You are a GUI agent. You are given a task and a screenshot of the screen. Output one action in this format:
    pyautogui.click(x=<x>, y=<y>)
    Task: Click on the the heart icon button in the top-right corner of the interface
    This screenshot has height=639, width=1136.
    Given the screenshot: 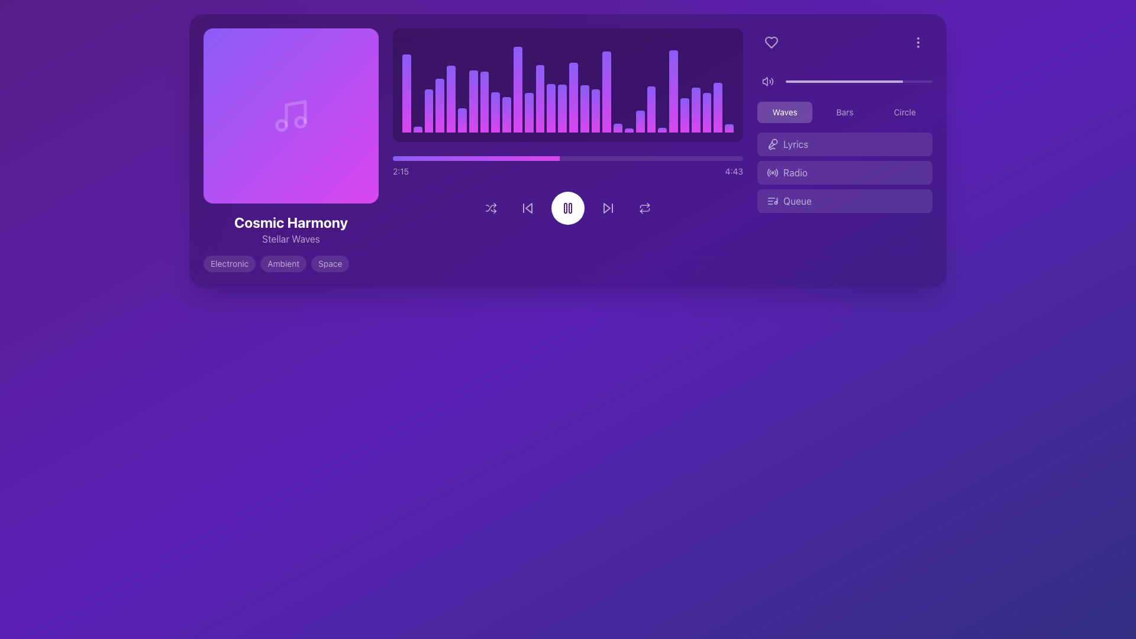 What is the action you would take?
    pyautogui.click(x=772, y=42)
    